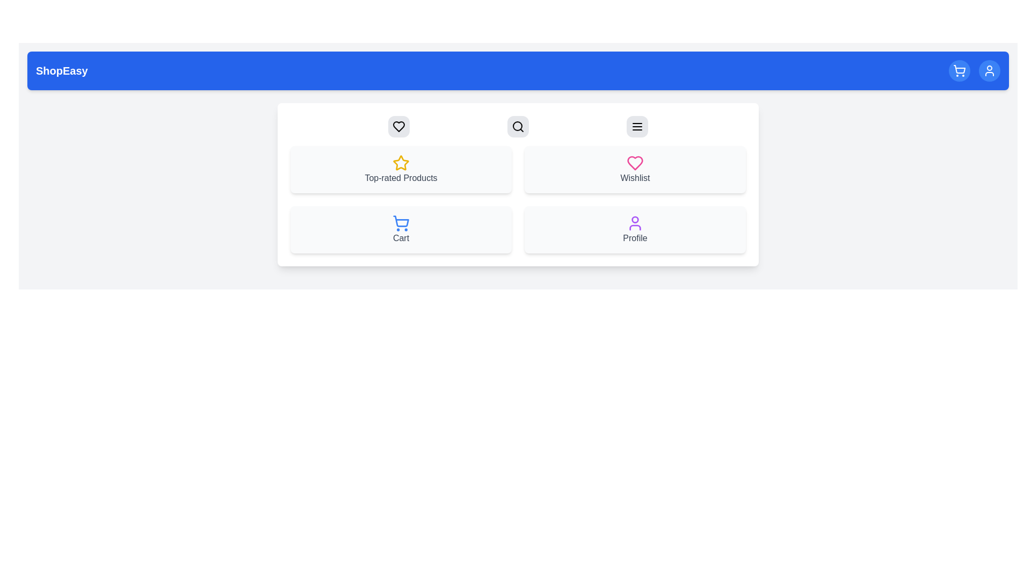  What do you see at coordinates (635, 227) in the screenshot?
I see `the lower half of the user profile icon located on the right side of the top navigation bar` at bounding box center [635, 227].